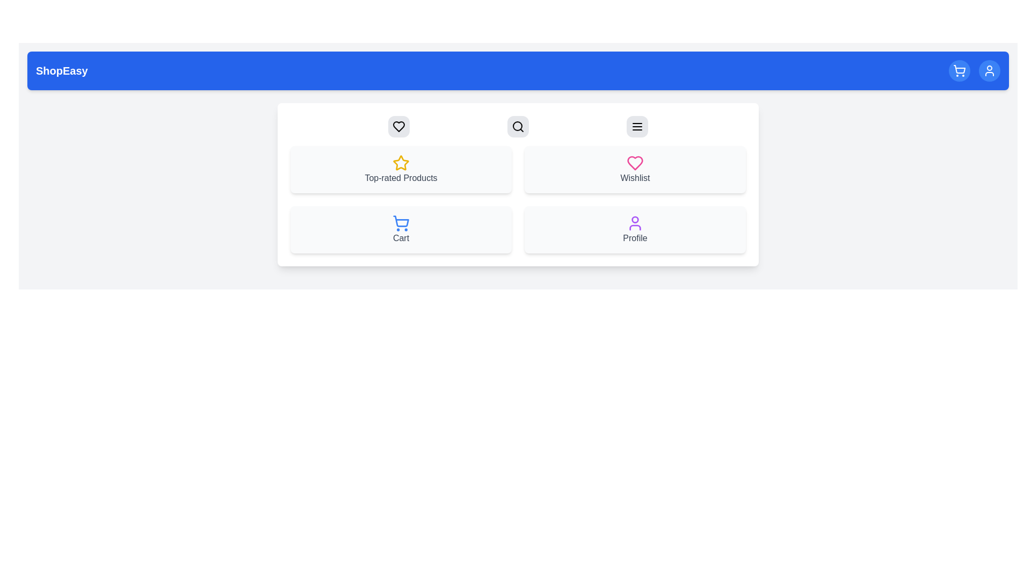  What do you see at coordinates (635, 227) in the screenshot?
I see `the lower half of the user profile icon located on the right side of the top navigation bar` at bounding box center [635, 227].